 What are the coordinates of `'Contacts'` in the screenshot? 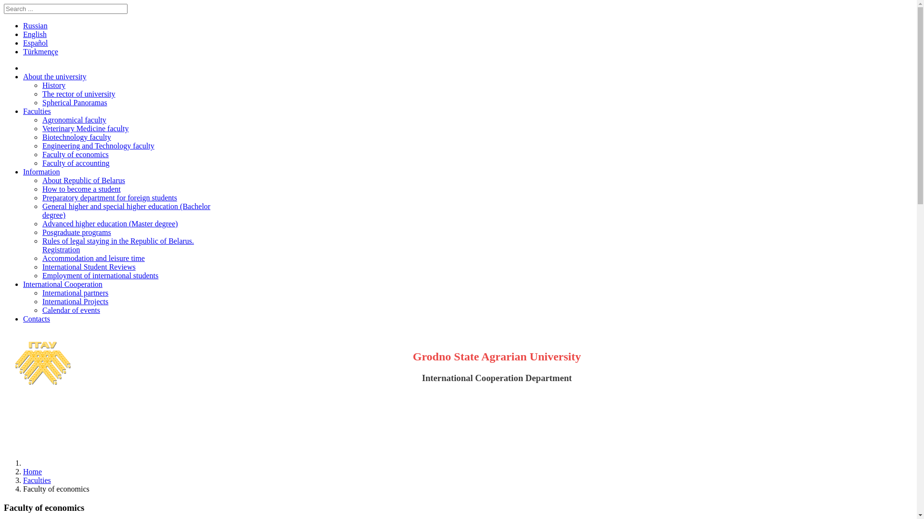 It's located at (37, 319).